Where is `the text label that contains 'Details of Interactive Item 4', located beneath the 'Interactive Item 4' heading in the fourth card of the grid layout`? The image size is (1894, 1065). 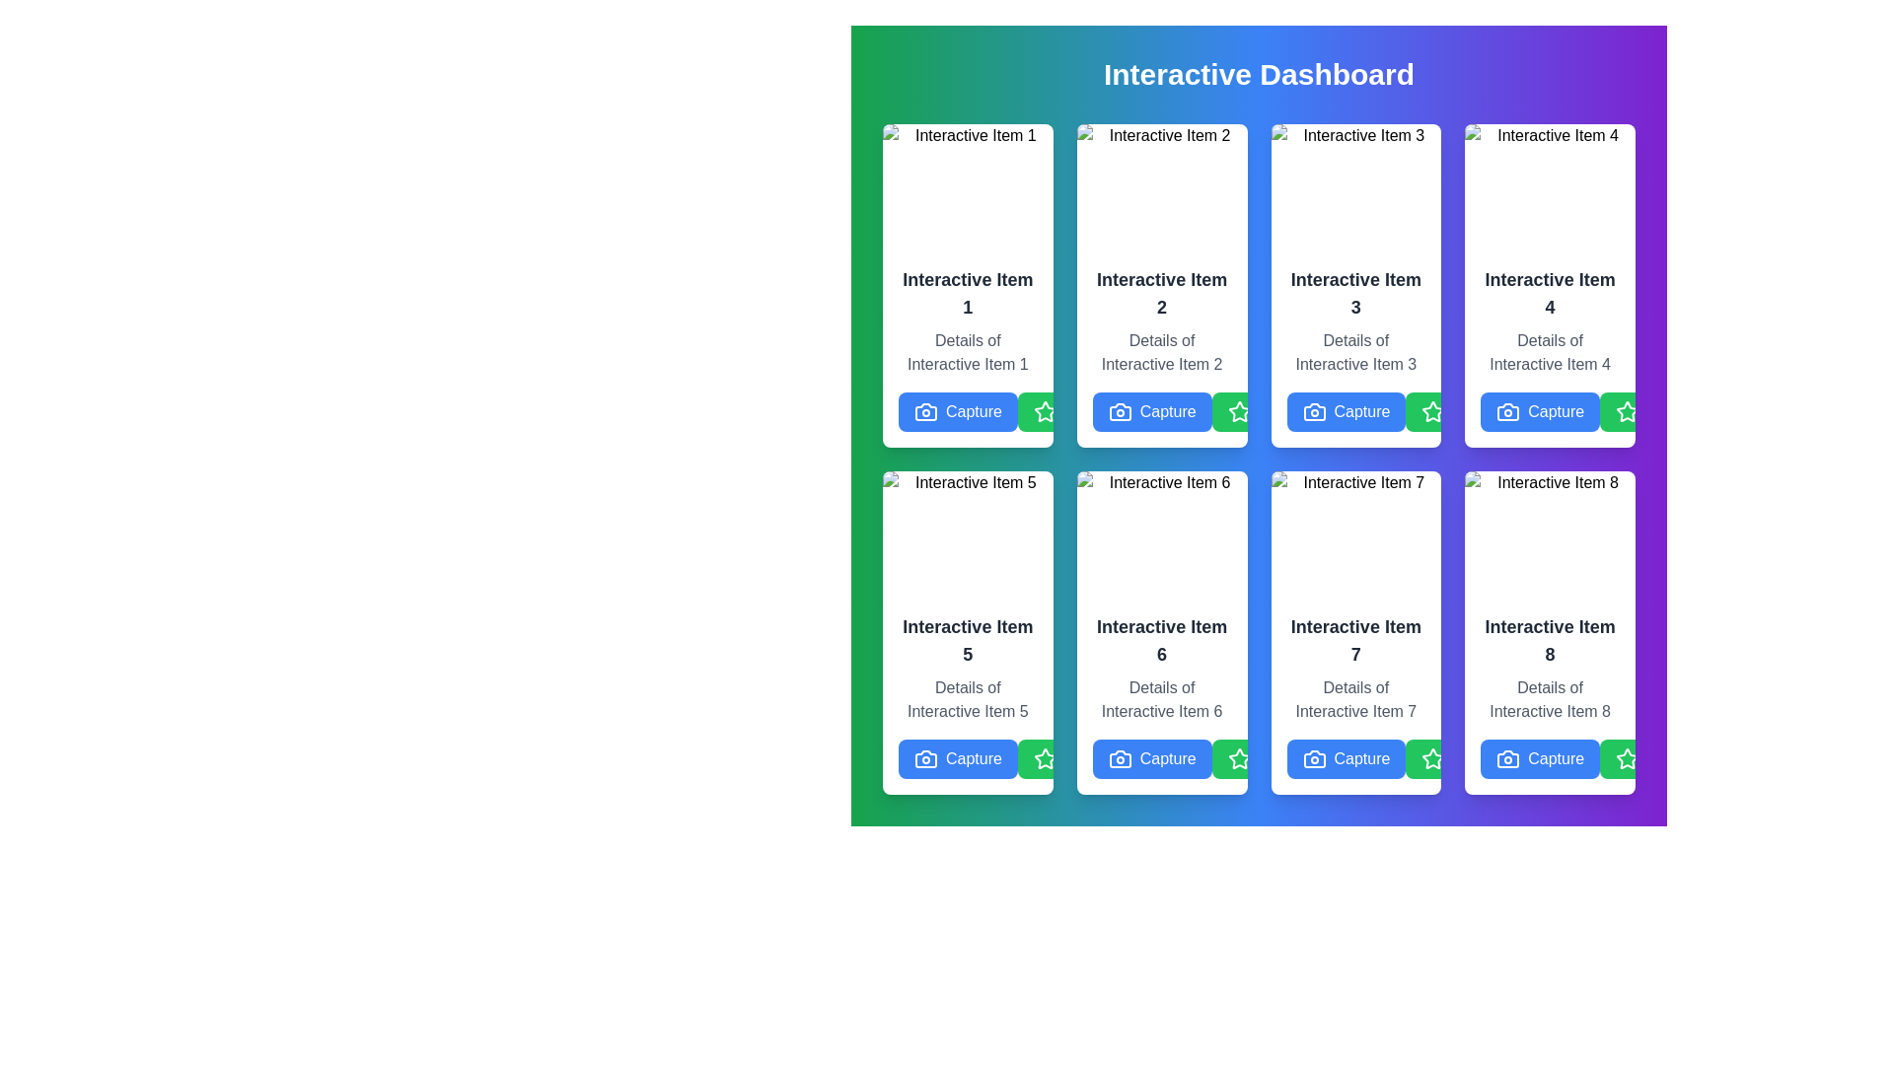
the text label that contains 'Details of Interactive Item 4', located beneath the 'Interactive Item 4' heading in the fourth card of the grid layout is located at coordinates (1549, 352).